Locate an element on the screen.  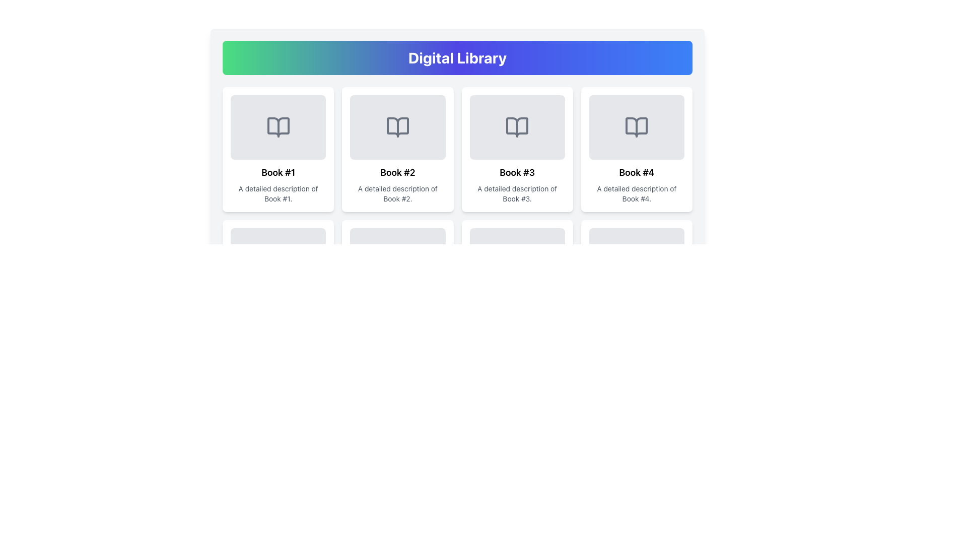
the decorative vector graphic icon of an open book located in the fourth tile of the top row labeled 'Book #4' is located at coordinates (636, 127).